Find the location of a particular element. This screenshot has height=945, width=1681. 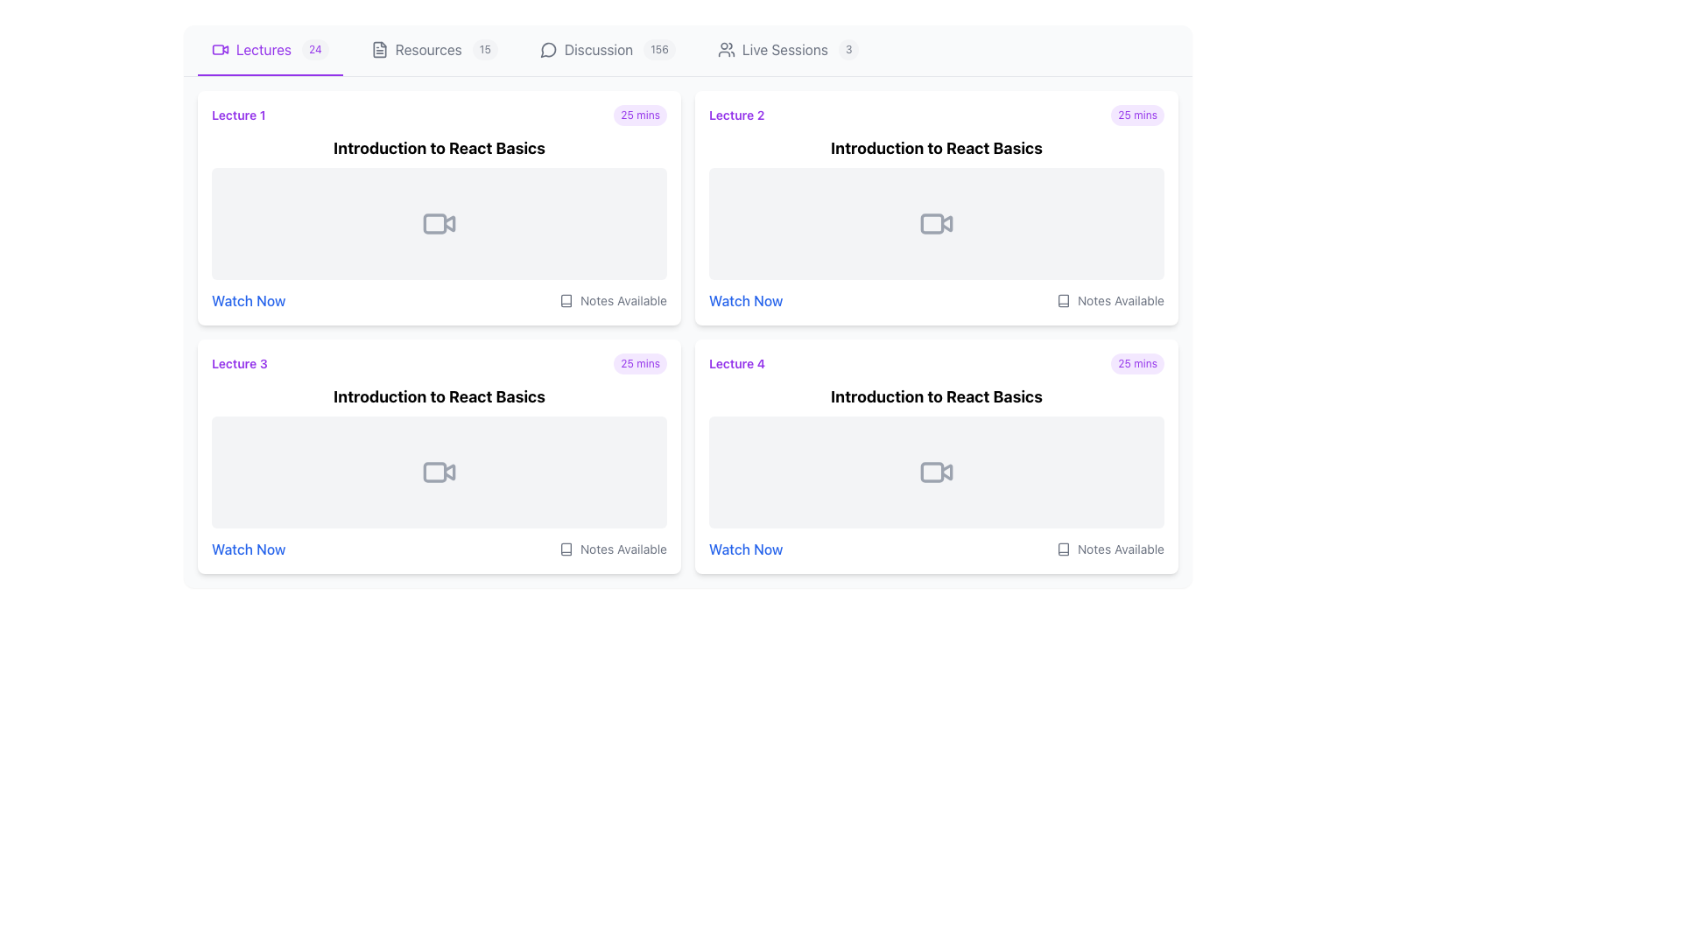

the SVG graphic illustrating a document icon located in the upper navigation bar, which is styled as a simple outline resembling a document or sheet symbol is located at coordinates (378, 49).